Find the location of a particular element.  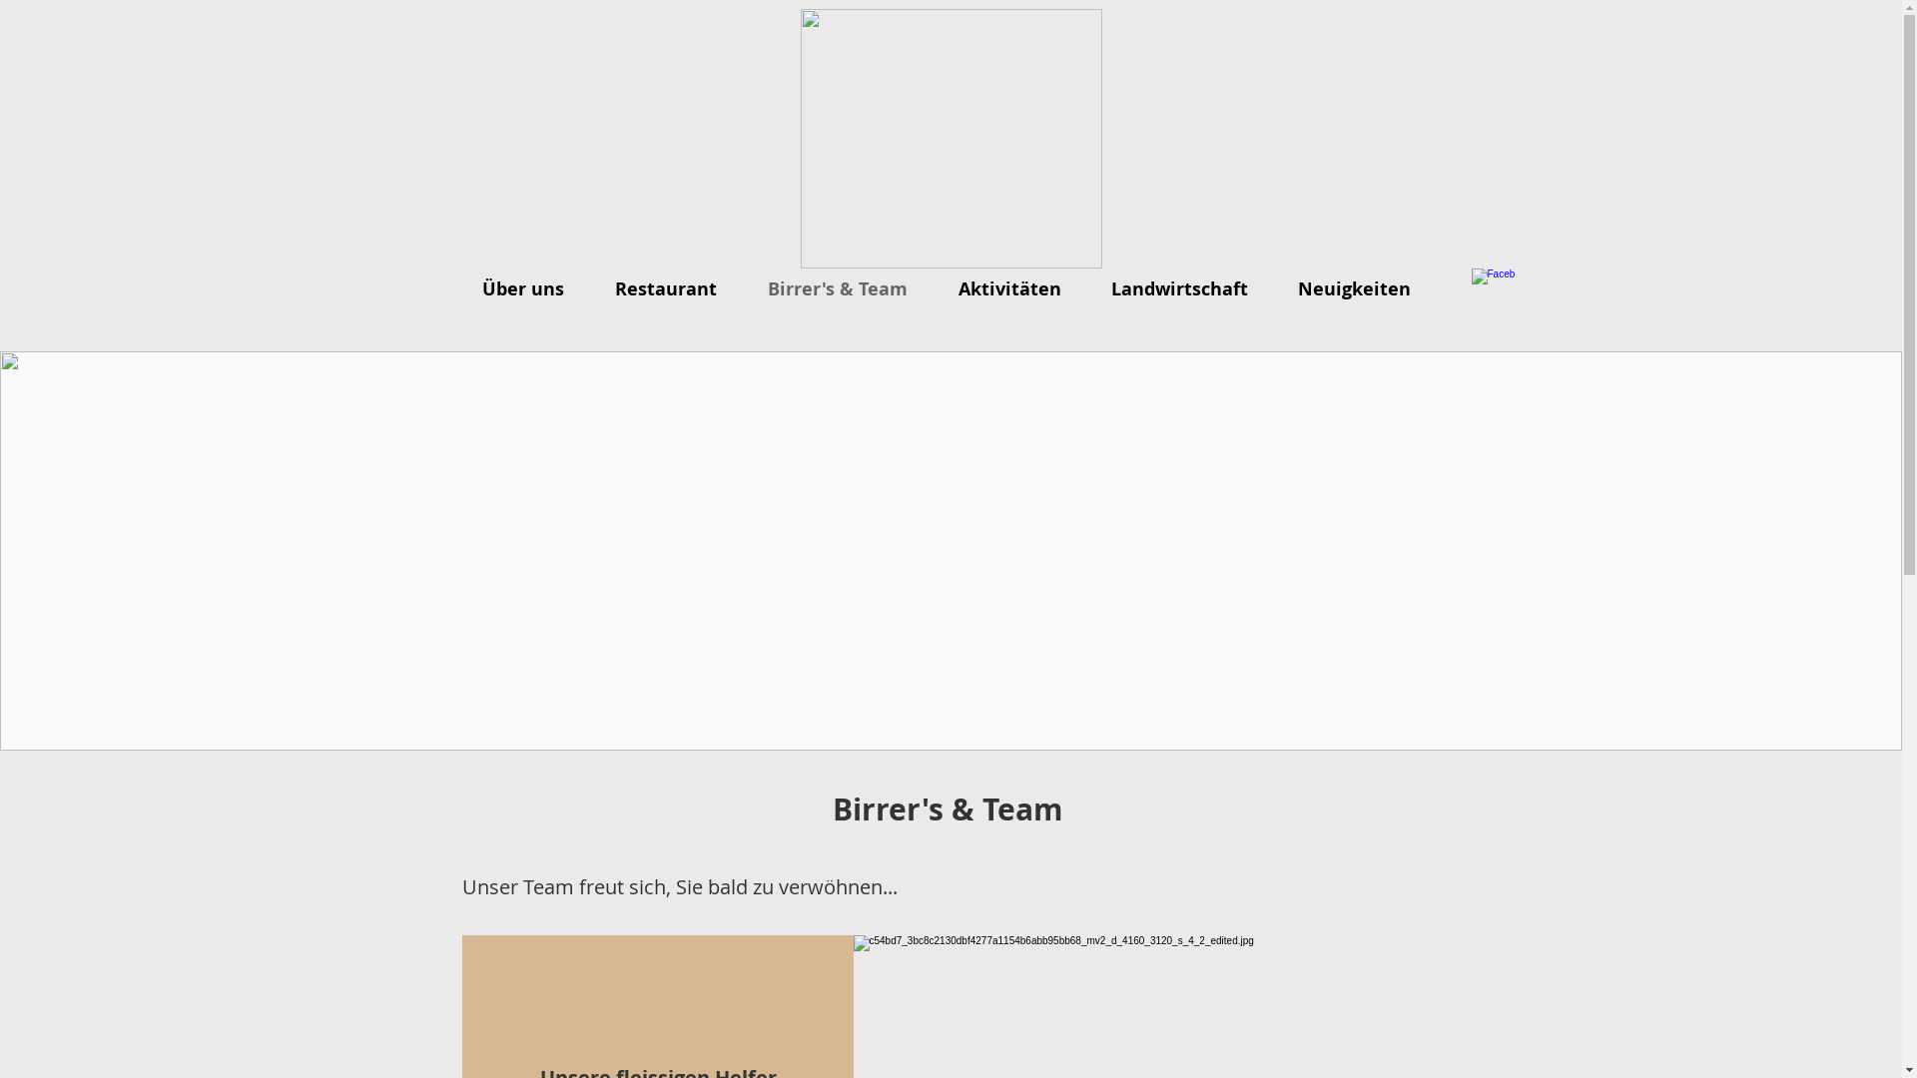

'Restaurant' is located at coordinates (671, 288).